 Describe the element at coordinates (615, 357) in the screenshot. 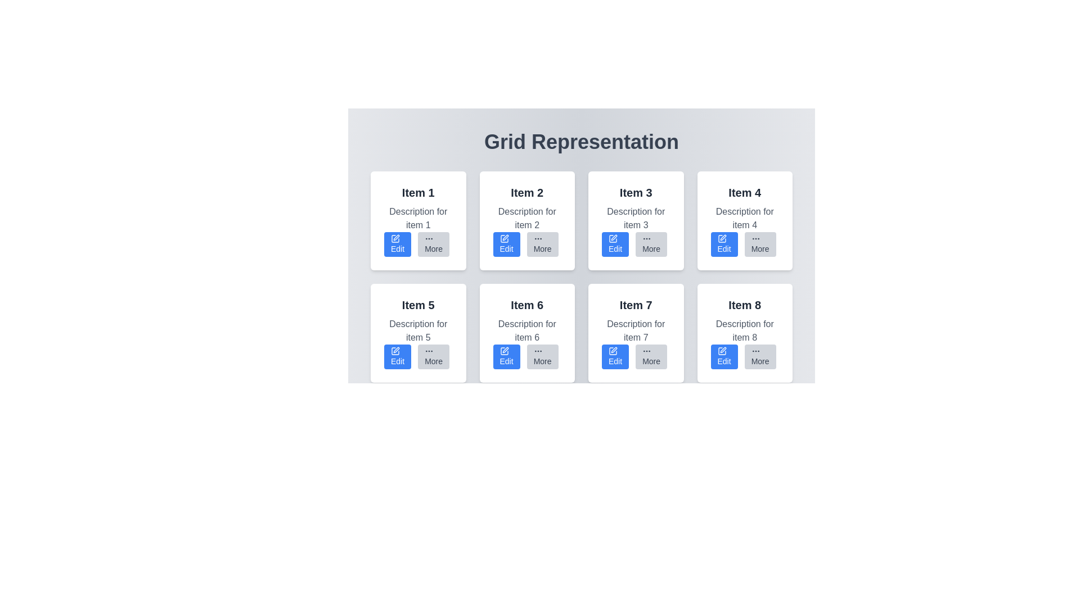

I see `the 'Edit' button, which is a rectangular button with white text on a blue background and a pen icon, to observe the hover effect` at that location.